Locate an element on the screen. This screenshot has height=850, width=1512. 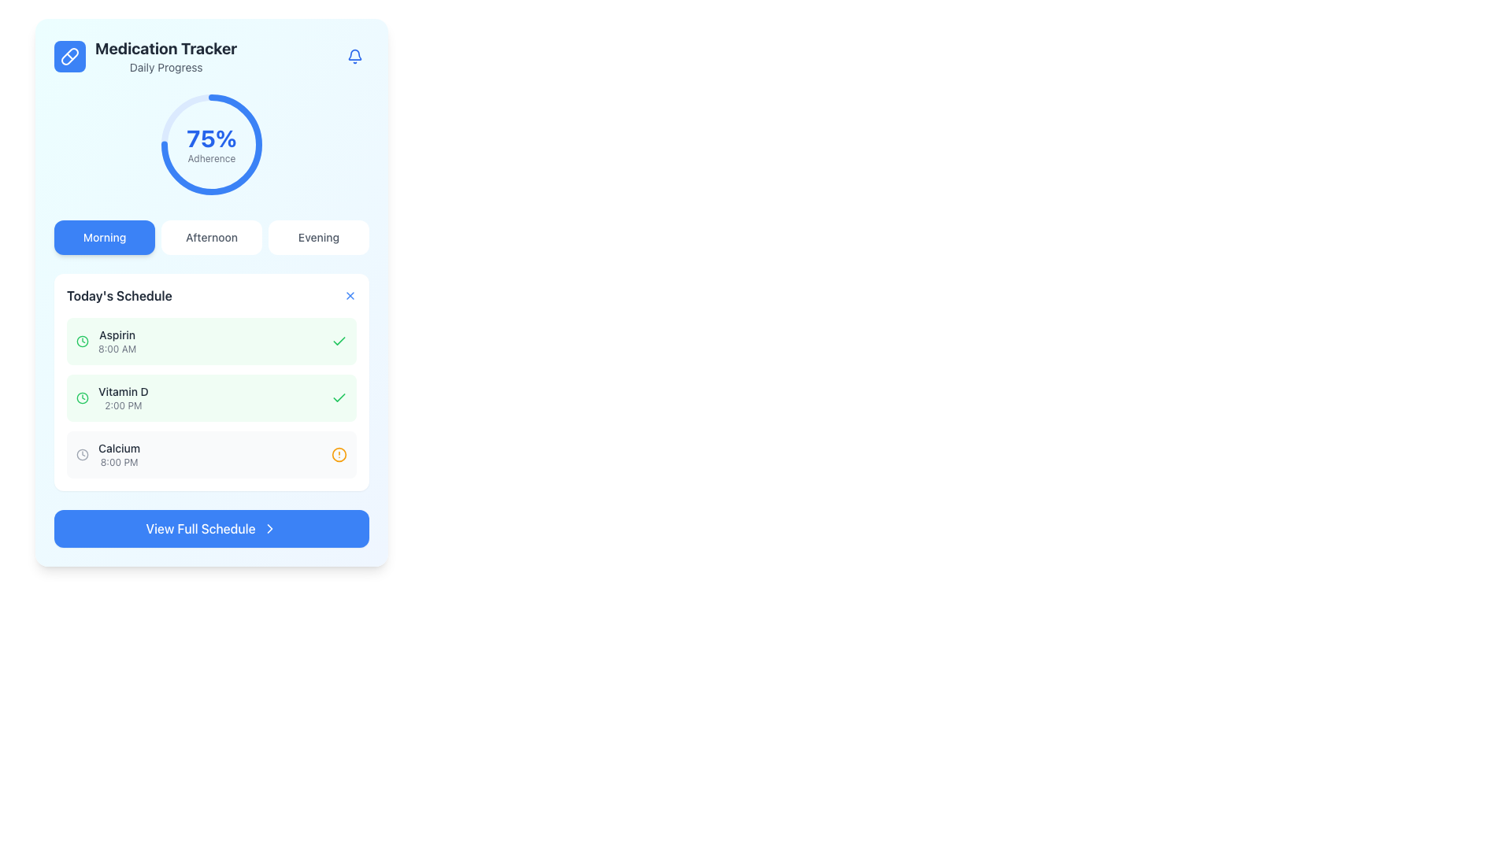
the title text label representing a specific schedule entry, which is the primary title in the second item of the list under the 'Today's Schedule' header, located between 'Aspirin' and 'Calcium' is located at coordinates (122, 390).